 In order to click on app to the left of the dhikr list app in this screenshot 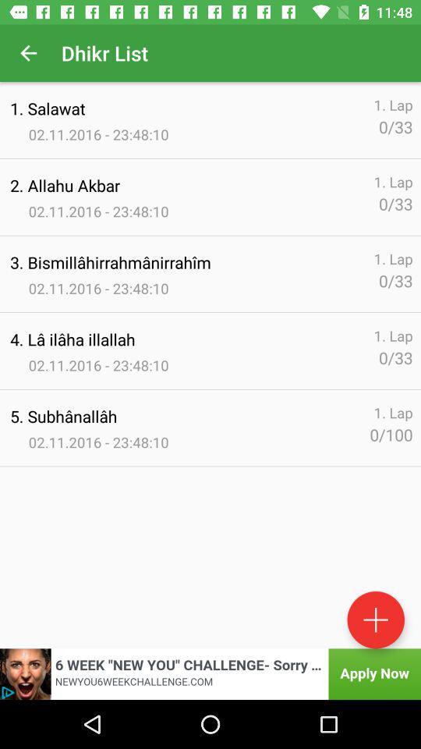, I will do `click(28, 53)`.